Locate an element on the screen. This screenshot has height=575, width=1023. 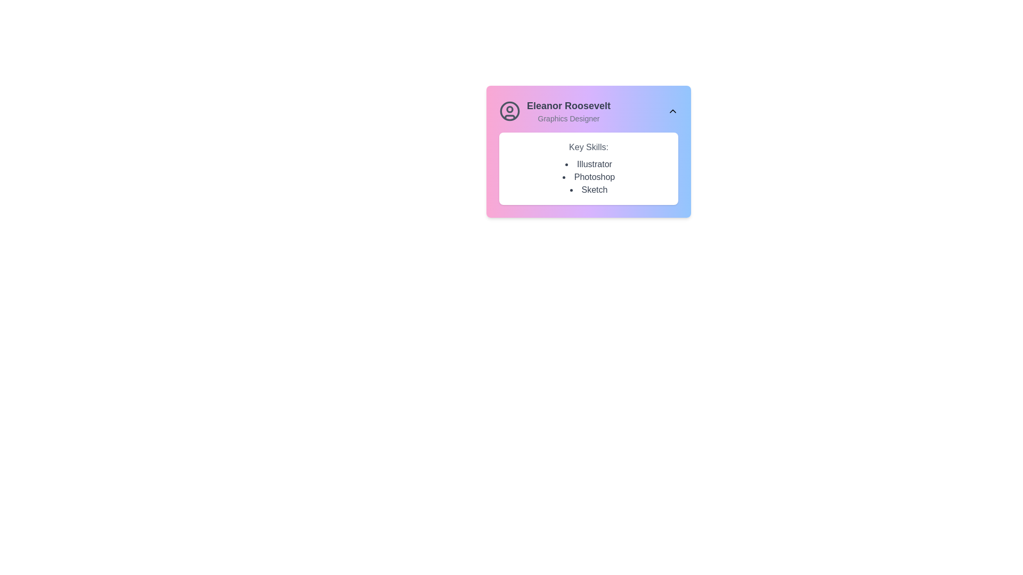
the 'Key Skills:' text label, which is styled with gray color and medium font weight, located at the top-left corner of a white information card is located at coordinates (588, 147).